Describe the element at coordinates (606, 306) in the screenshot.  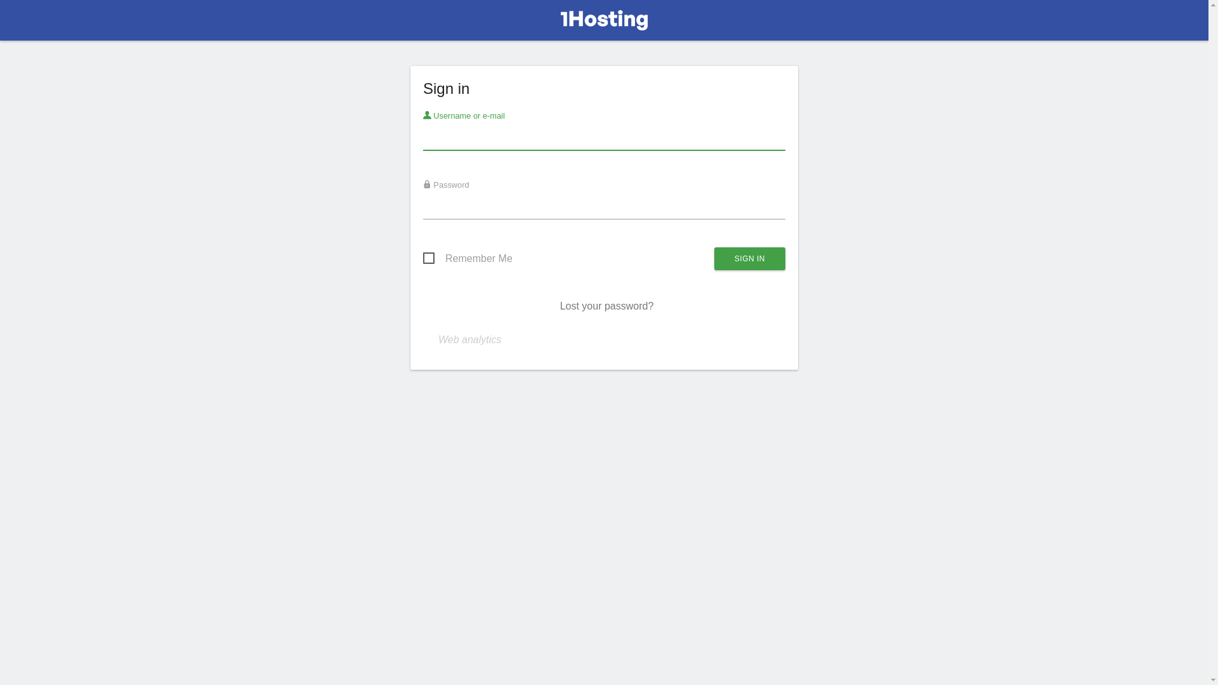
I see `'Lost your password?'` at that location.